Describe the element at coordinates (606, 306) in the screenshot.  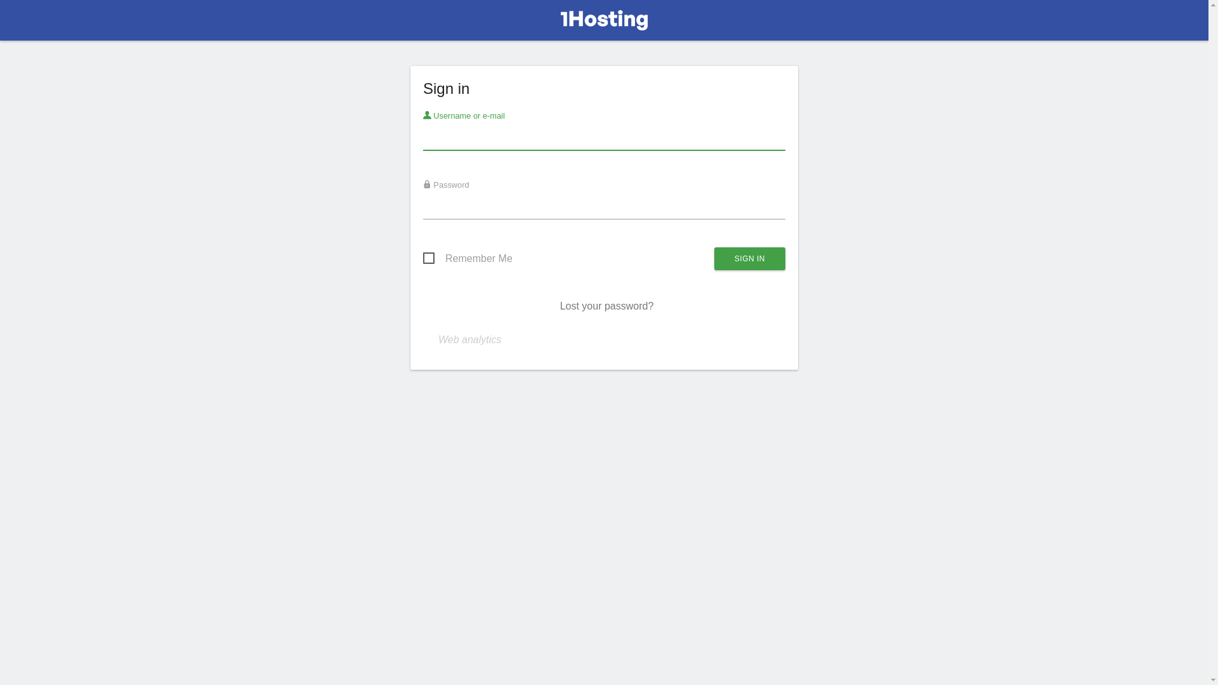
I see `'Lost your password?'` at that location.